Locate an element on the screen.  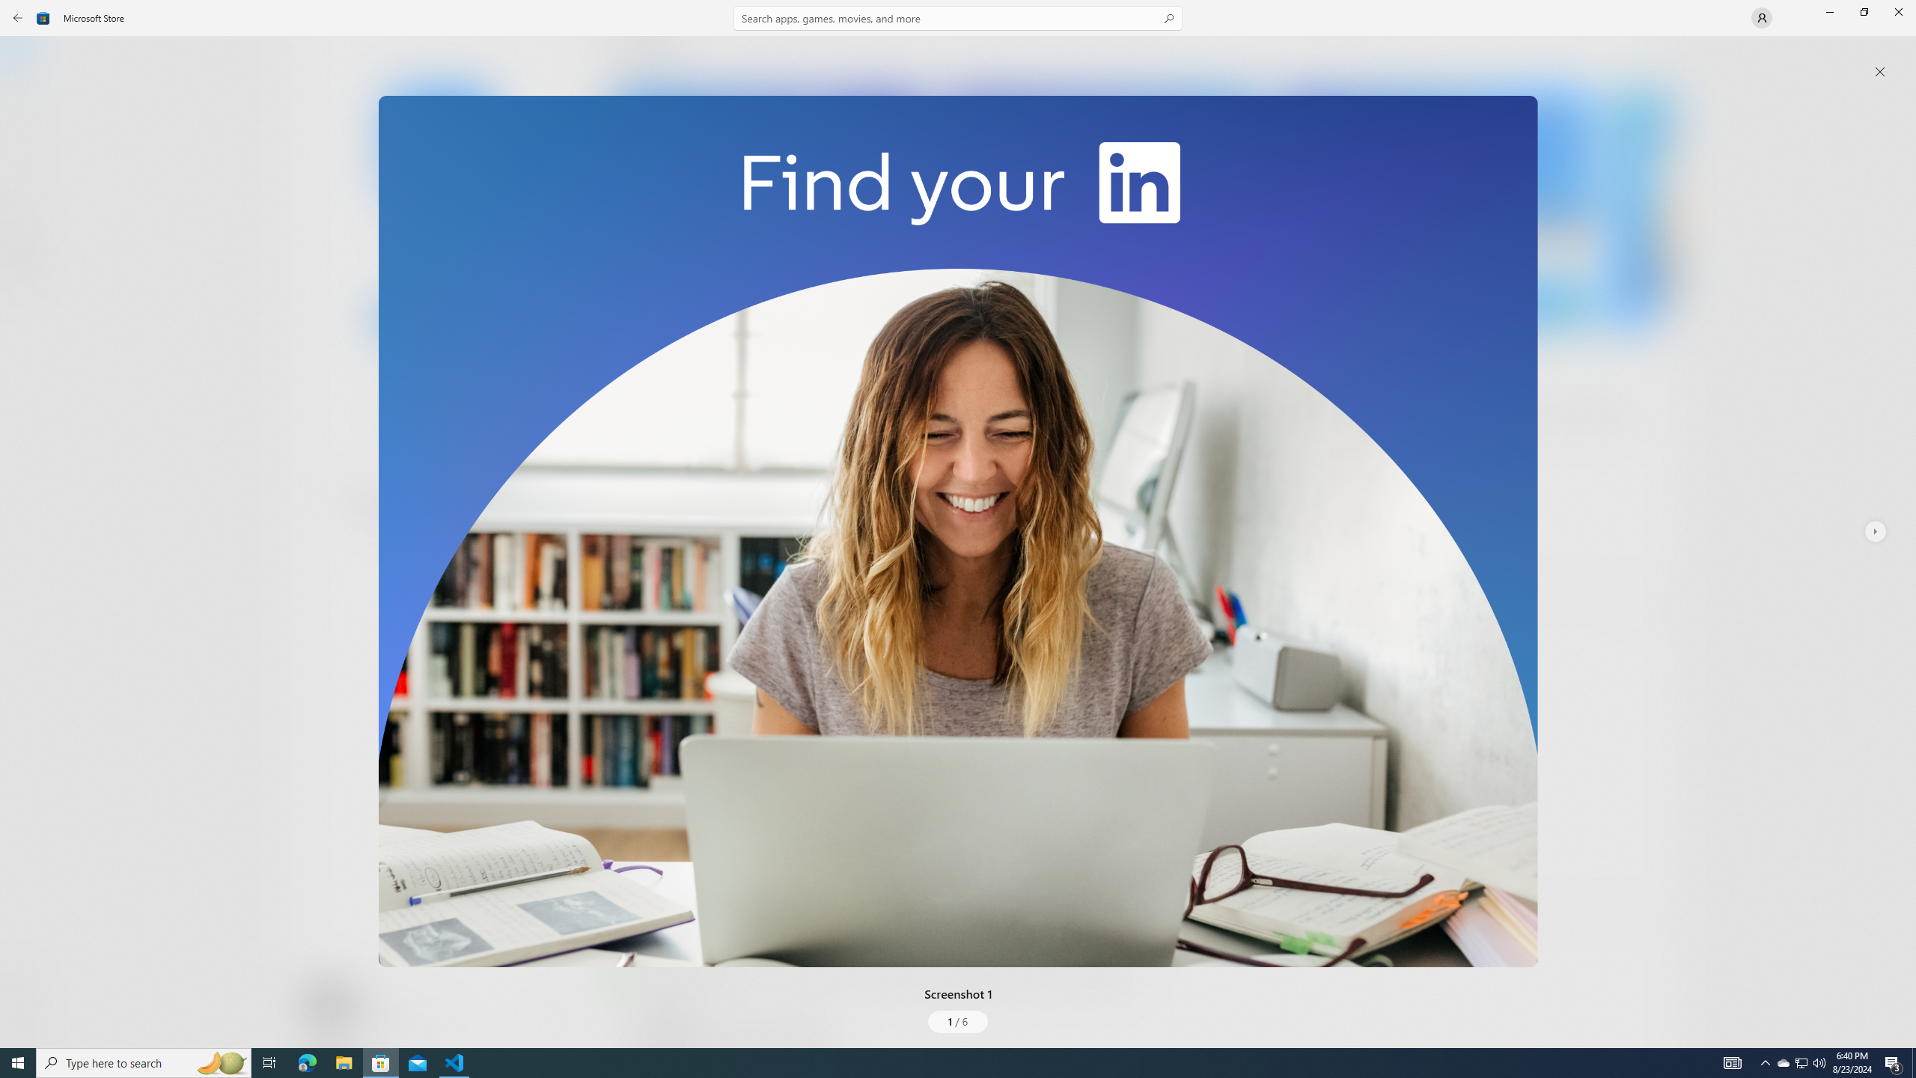
'Back' is located at coordinates (18, 16).